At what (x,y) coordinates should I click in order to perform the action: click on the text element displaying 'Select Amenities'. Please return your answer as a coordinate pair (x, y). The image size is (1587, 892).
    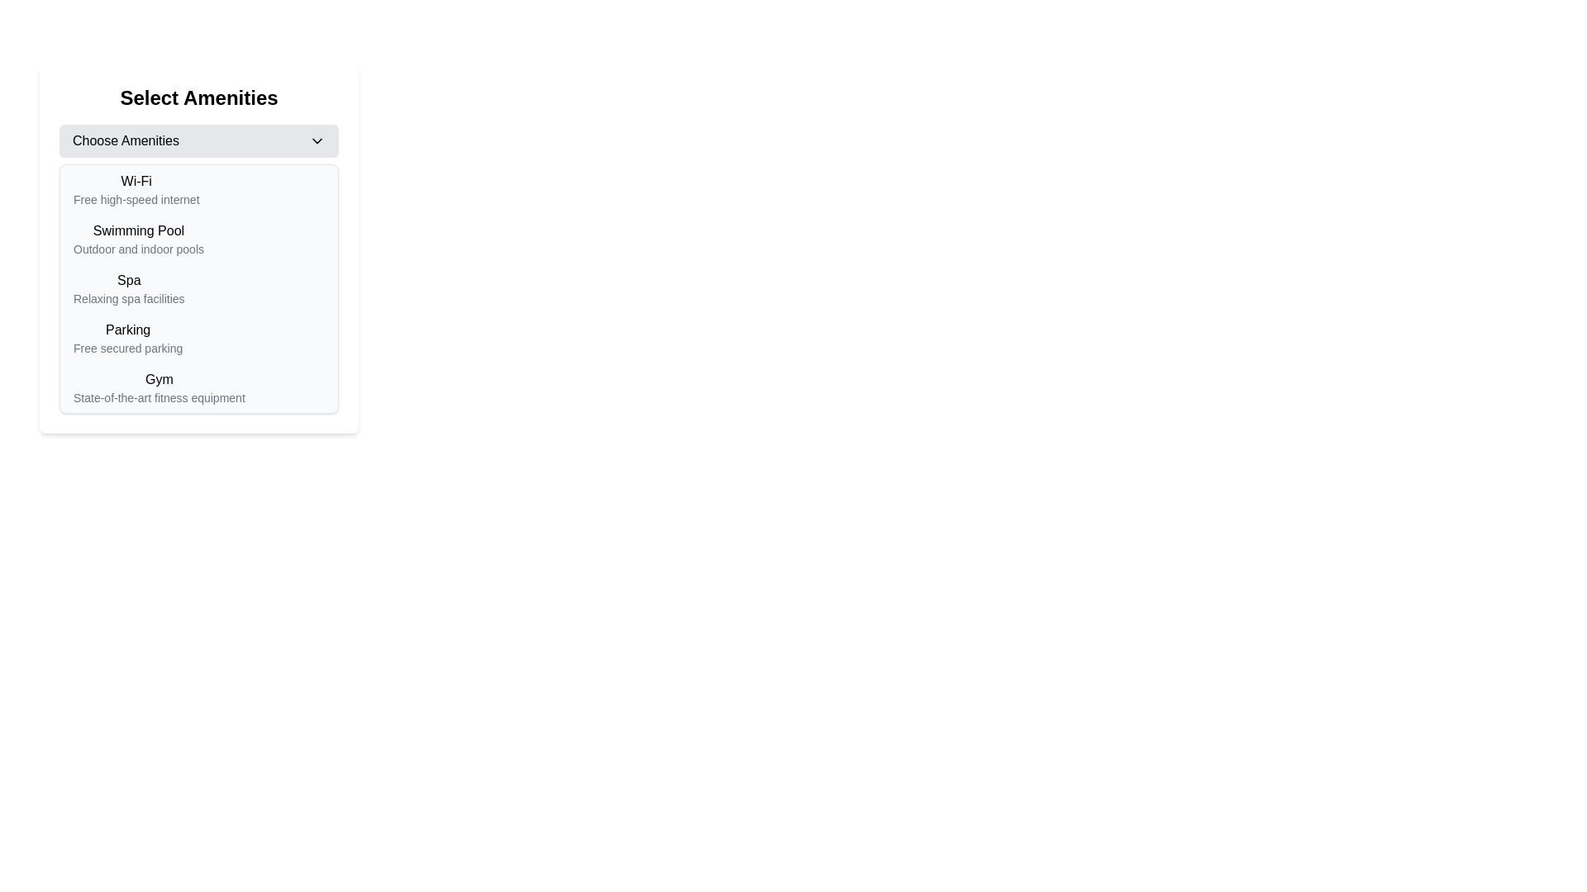
    Looking at the image, I should click on (198, 98).